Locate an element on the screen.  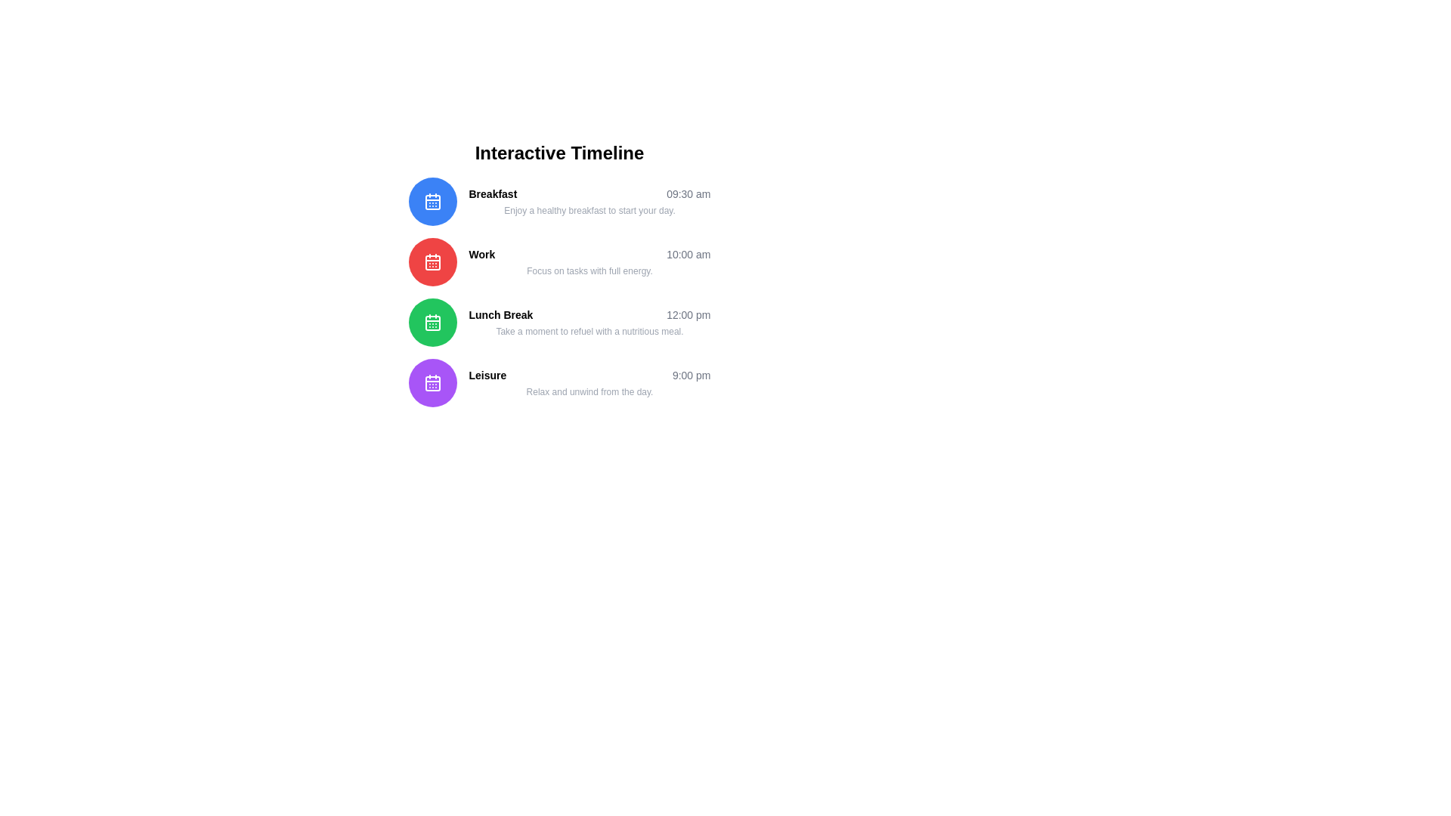
the circular blue icon representing the 'Breakfast' schedule entry, which is located to the left of the 'Breakfast' label is located at coordinates (432, 201).